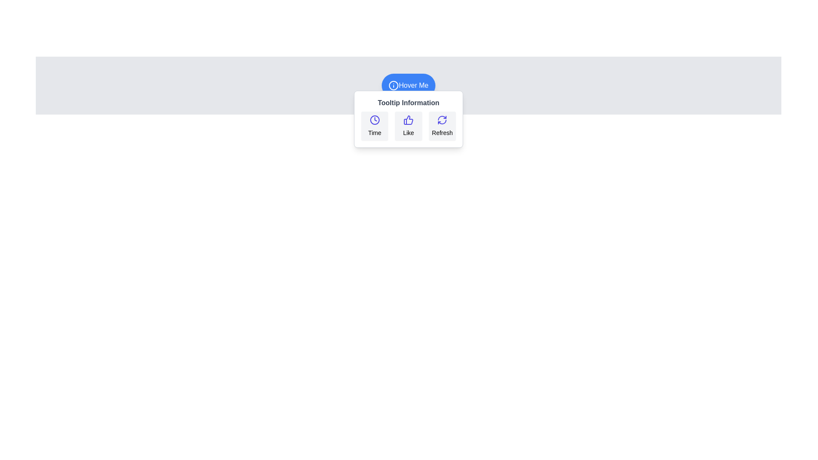 Image resolution: width=818 pixels, height=460 pixels. Describe the element at coordinates (374, 120) in the screenshot. I see `the leftmost icon in the tooltip that represents time, which is positioned directly above the 'Time' label` at that location.